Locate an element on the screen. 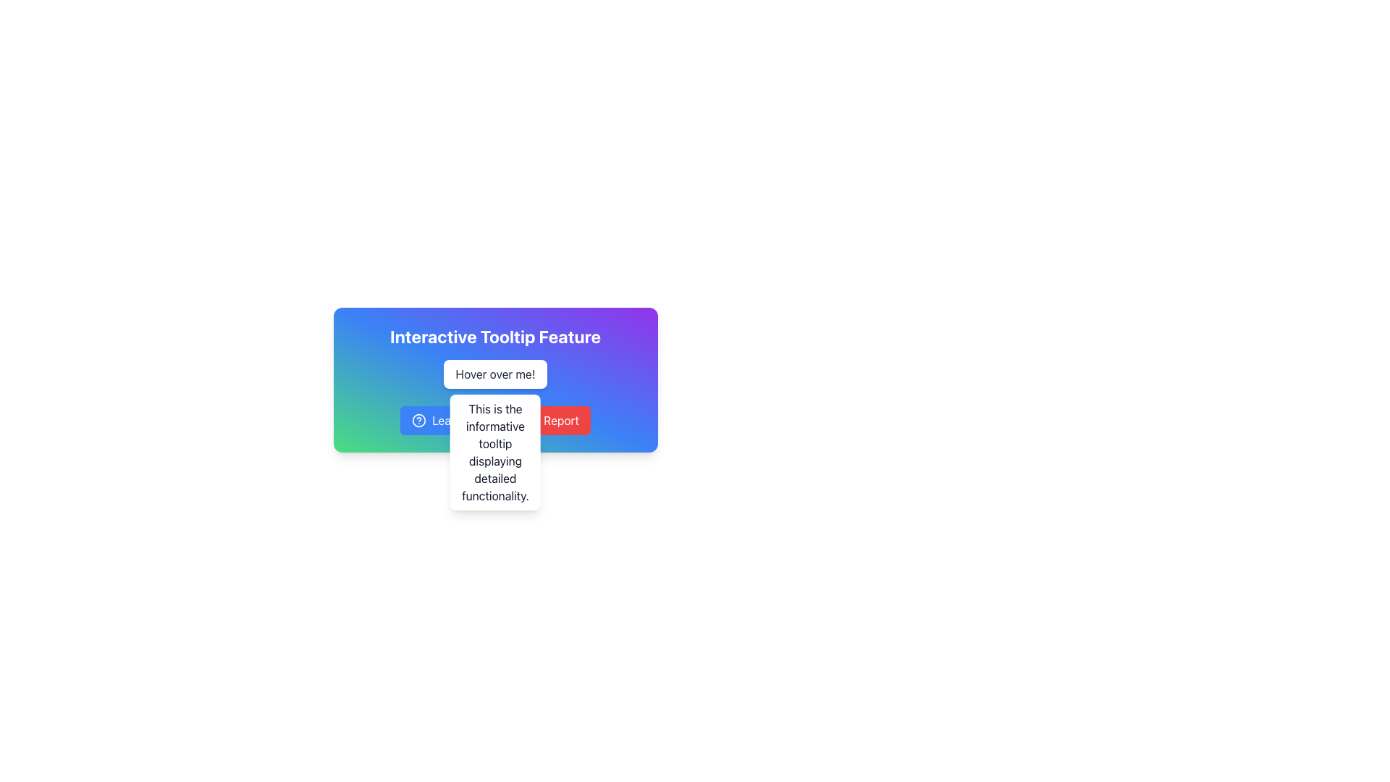  the report issue button located to the right of the blue 'Learn More' button is located at coordinates (550, 421).